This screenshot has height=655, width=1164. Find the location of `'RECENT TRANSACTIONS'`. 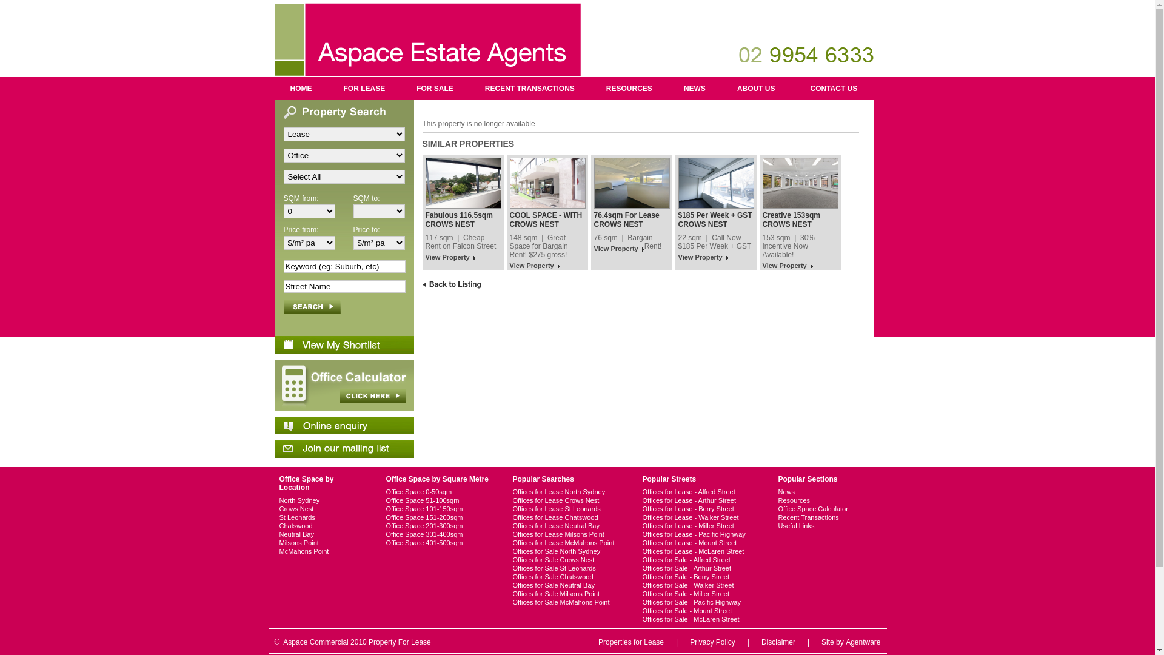

'RECENT TRANSACTIONS' is located at coordinates (529, 88).